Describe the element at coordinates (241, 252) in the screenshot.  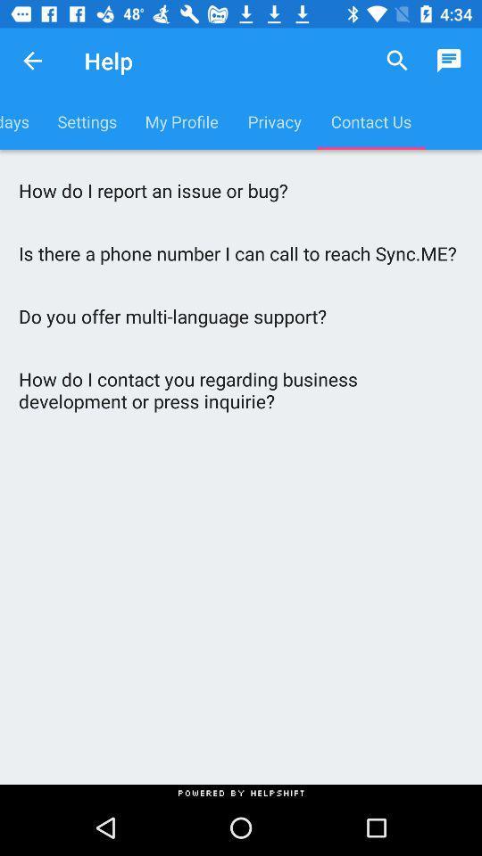
I see `item above do you offer icon` at that location.